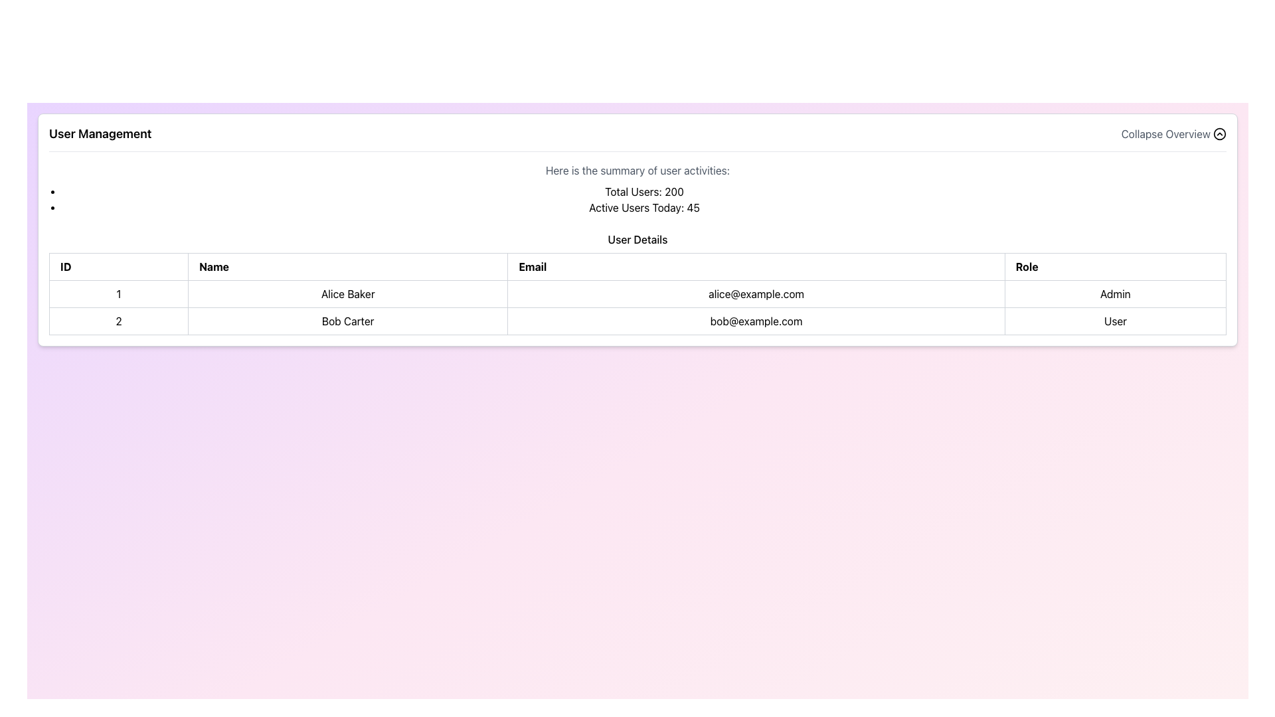 The image size is (1275, 717). What do you see at coordinates (644, 199) in the screenshot?
I see `the text block displaying user statistics, which includes 'Total Users: 200' and 'Active Users Today: 45', located below the summary text on the user management page` at bounding box center [644, 199].